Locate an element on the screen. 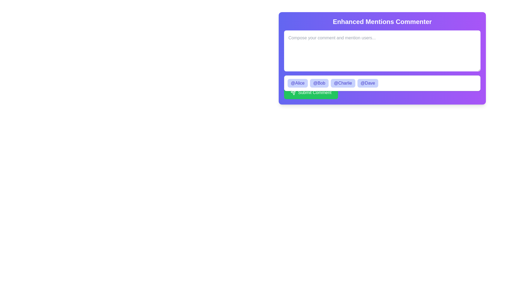 The image size is (518, 291). the green button labeled 'Submit Comment' containing the paper plane icon is located at coordinates (293, 92).